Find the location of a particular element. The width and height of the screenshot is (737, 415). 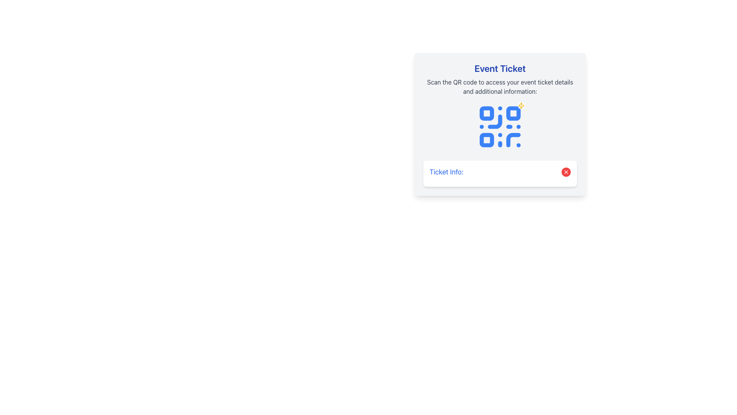

the QR code element located at the center of the card layout, which is positioned below the instruction text and above the ticket info section is located at coordinates (500, 126).